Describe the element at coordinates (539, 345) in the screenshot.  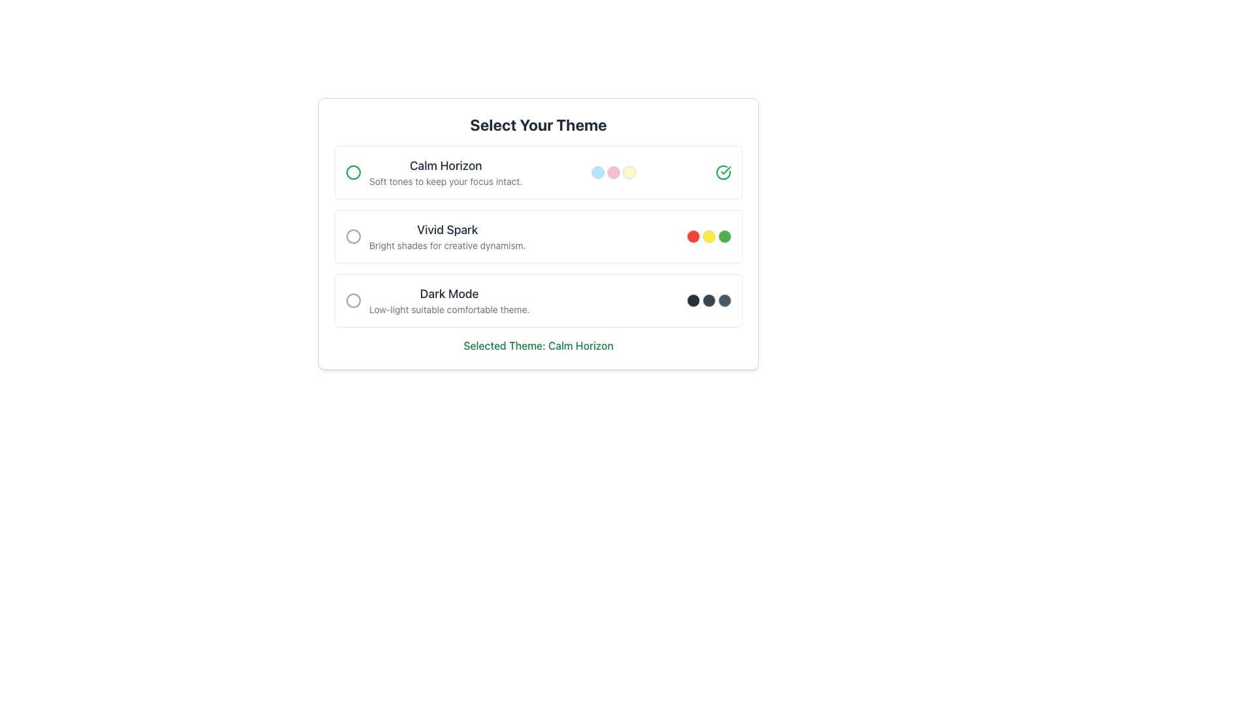
I see `static text label that displays the currently selected theme, located at the bottom of the 'Select Your Theme' card` at that location.